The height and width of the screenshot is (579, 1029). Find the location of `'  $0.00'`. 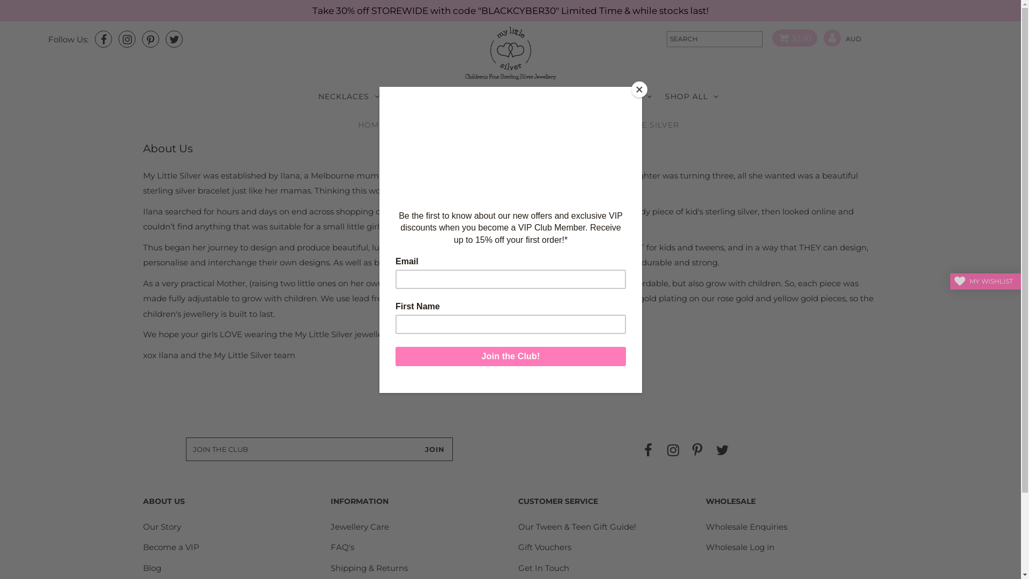

'  $0.00' is located at coordinates (791, 38).